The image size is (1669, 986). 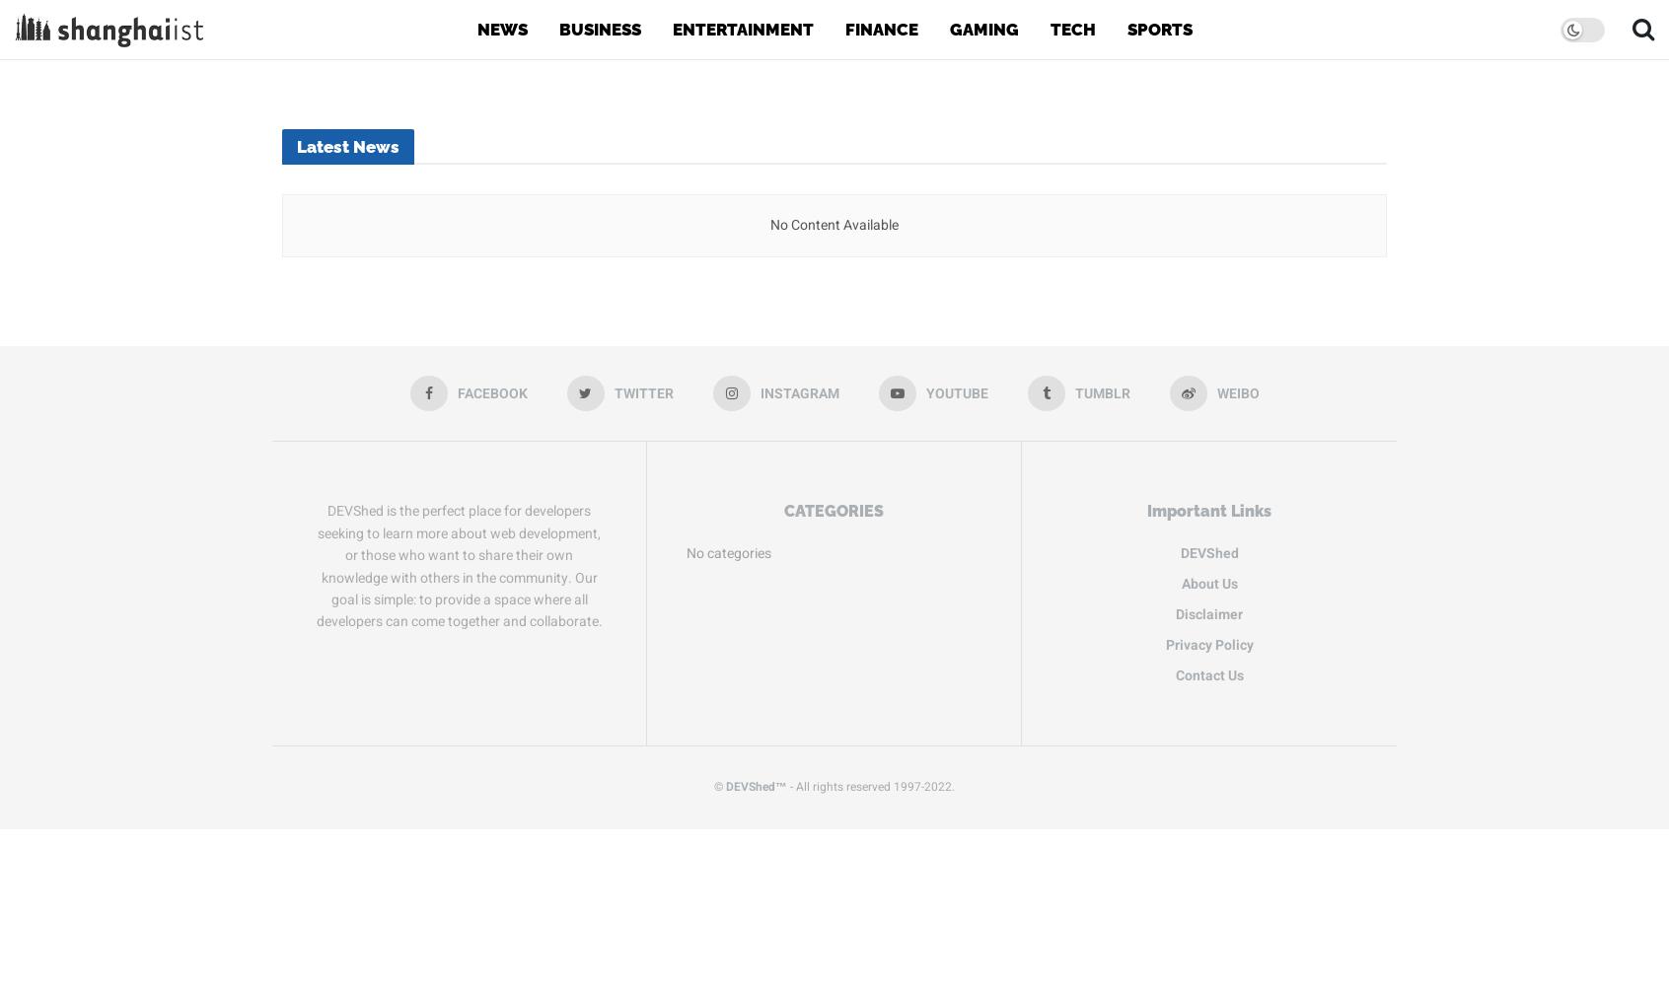 I want to click on '- All rights reserved 1997-2022.', so click(x=870, y=786).